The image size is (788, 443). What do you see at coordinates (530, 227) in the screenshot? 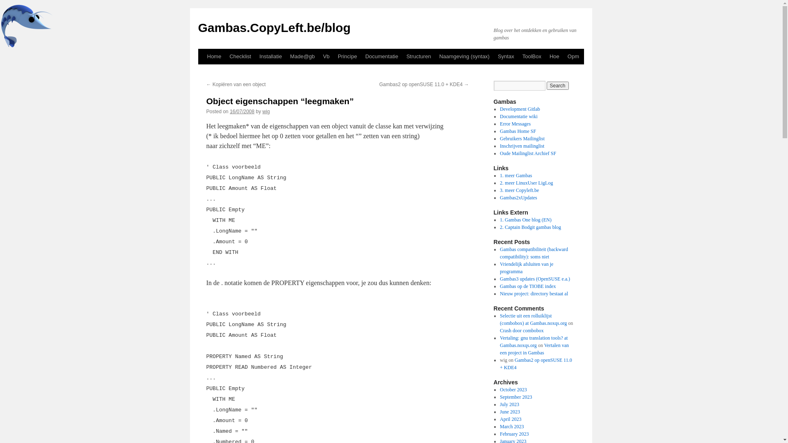
I see `'2. Captain Bodgit gambas blog'` at bounding box center [530, 227].